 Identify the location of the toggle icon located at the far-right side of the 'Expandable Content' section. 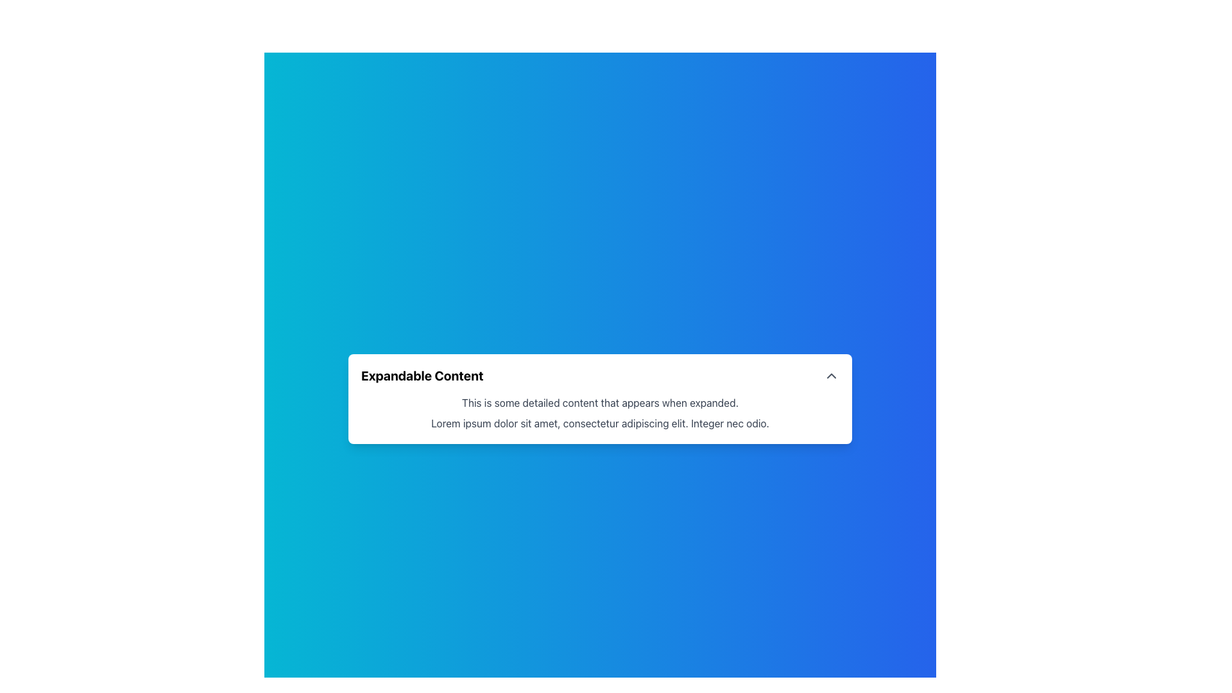
(832, 375).